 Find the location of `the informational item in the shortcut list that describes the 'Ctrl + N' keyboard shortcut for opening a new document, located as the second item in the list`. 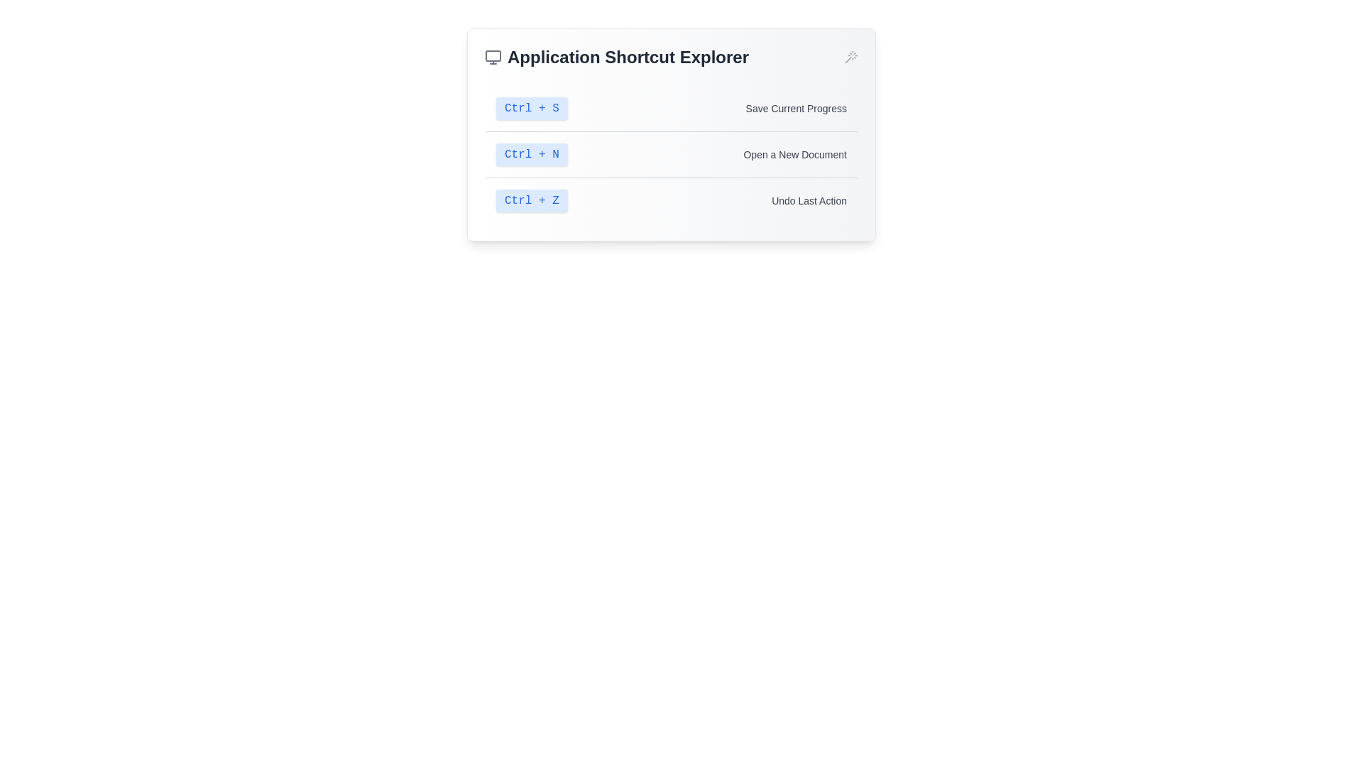

the informational item in the shortcut list that describes the 'Ctrl + N' keyboard shortcut for opening a new document, located as the second item in the list is located at coordinates (670, 154).